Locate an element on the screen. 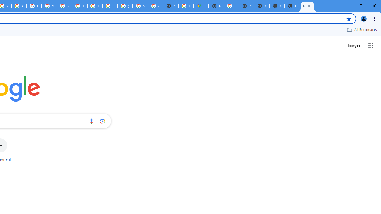  'Privacy Help Center - Policies Help' is located at coordinates (19, 6).